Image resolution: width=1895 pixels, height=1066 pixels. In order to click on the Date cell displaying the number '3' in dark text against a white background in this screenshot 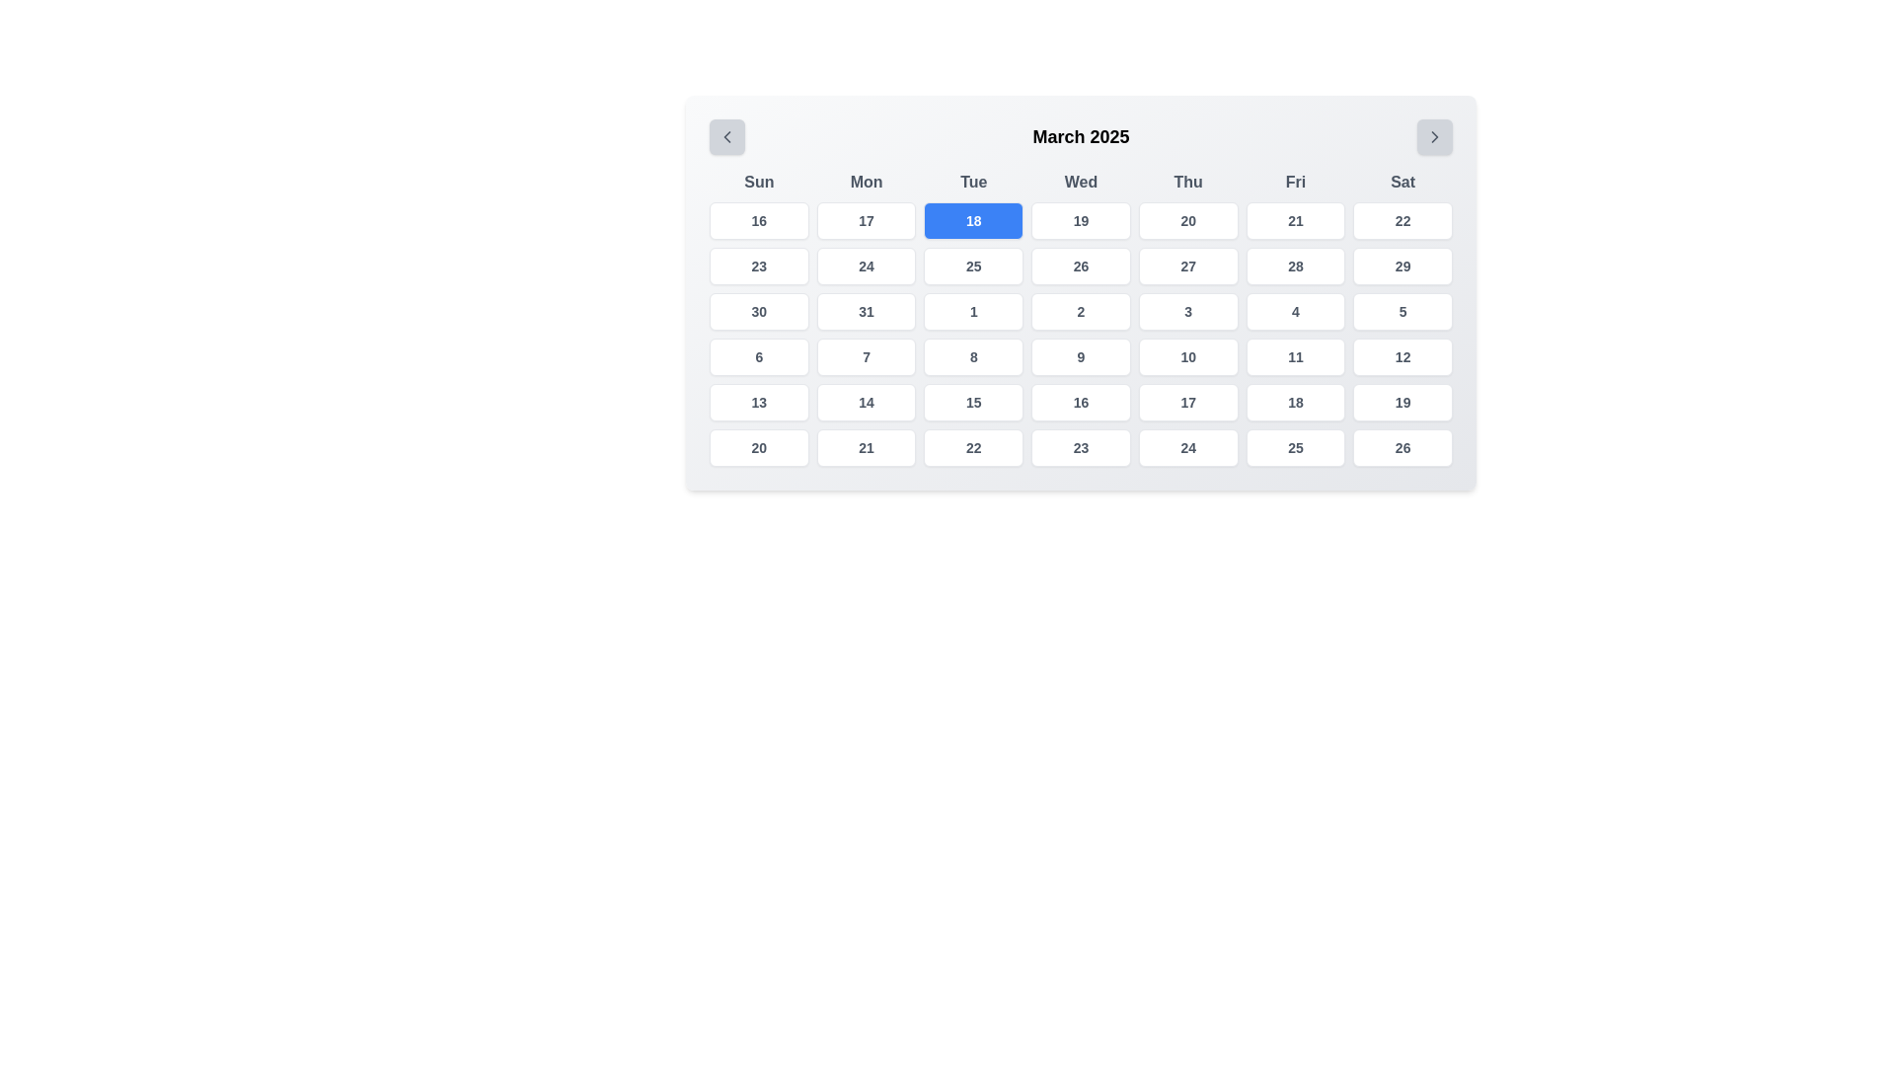, I will do `click(1187, 311)`.